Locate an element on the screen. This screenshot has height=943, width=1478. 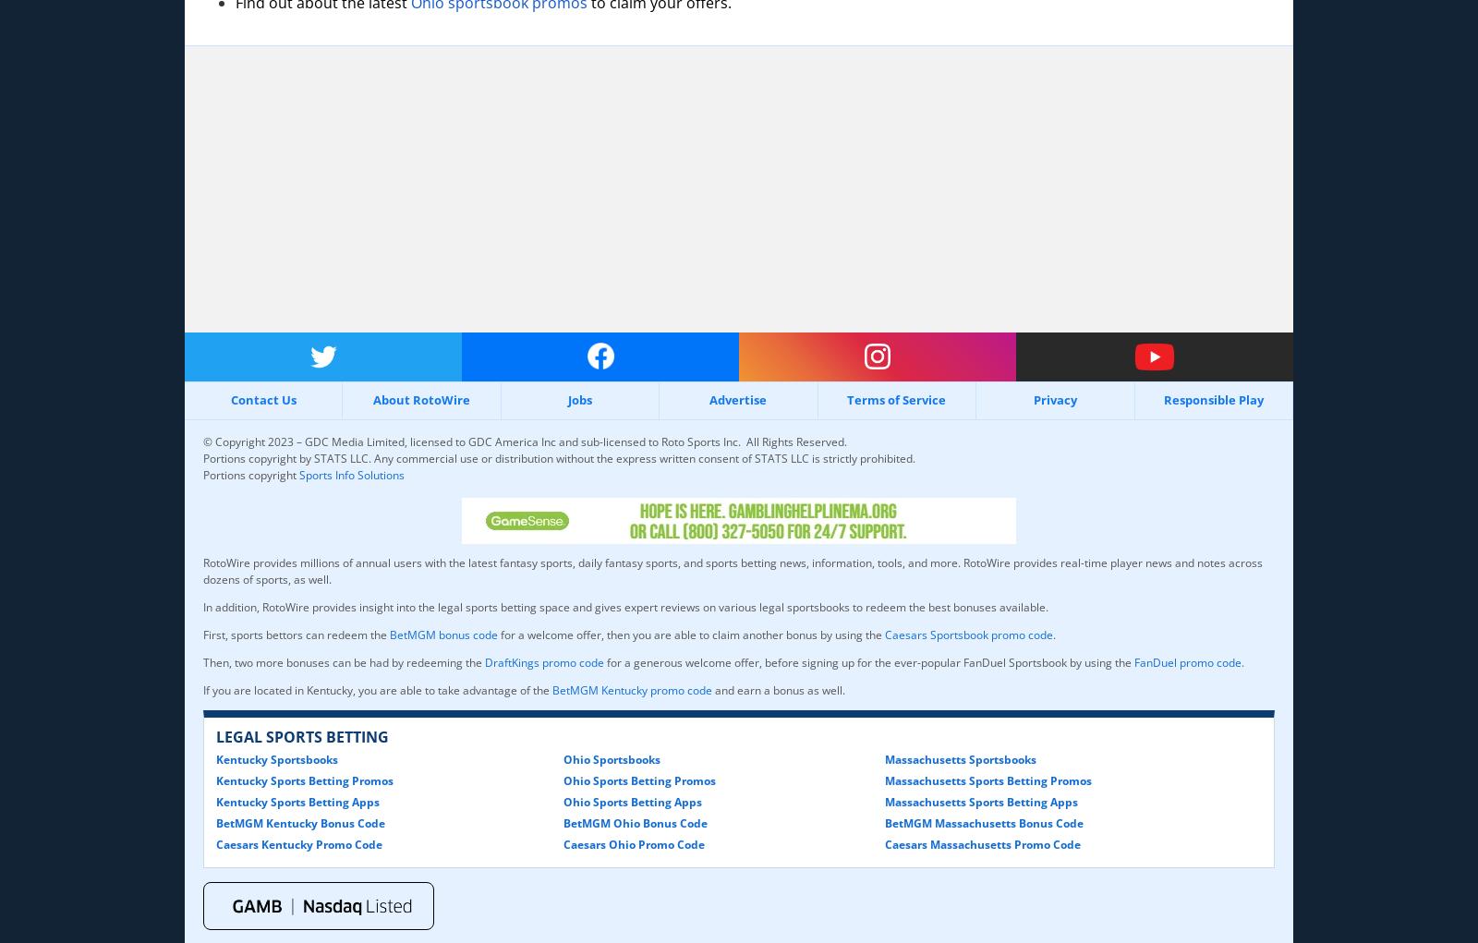
'If you are located in Kentucky, you are able to take advantage of the' is located at coordinates (203, 688).